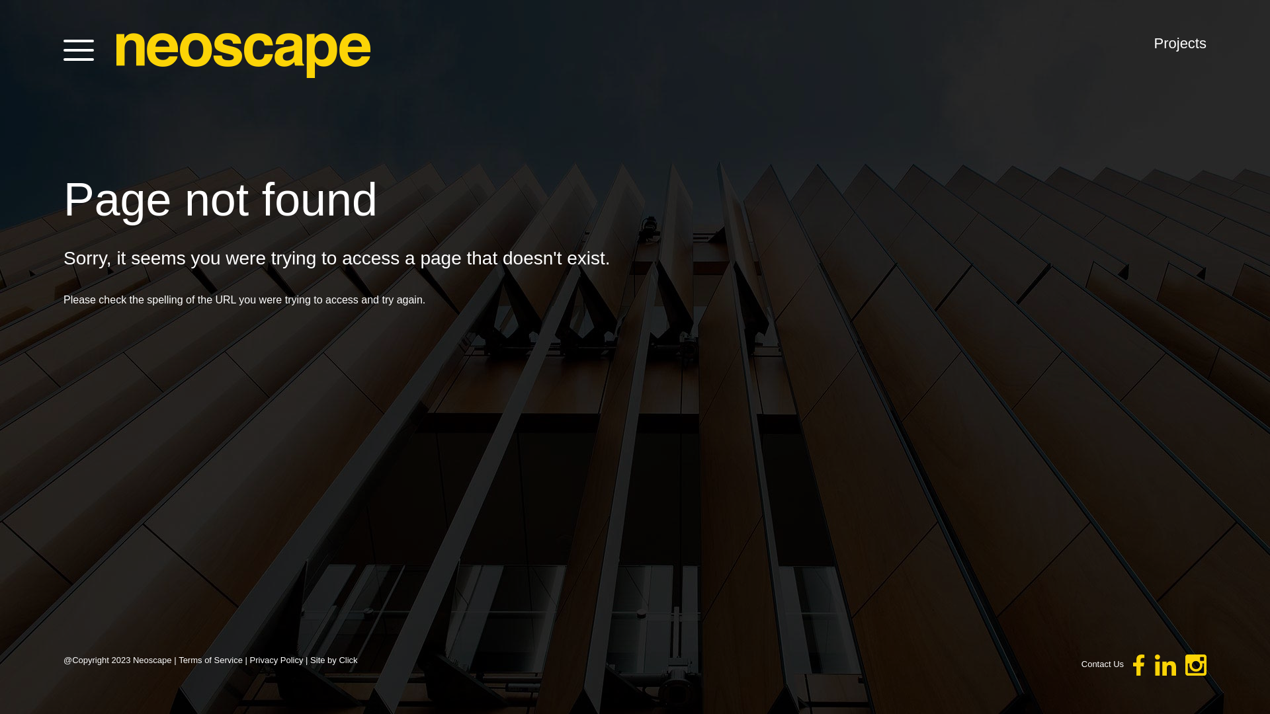  I want to click on 'Contact Us', so click(1102, 664).